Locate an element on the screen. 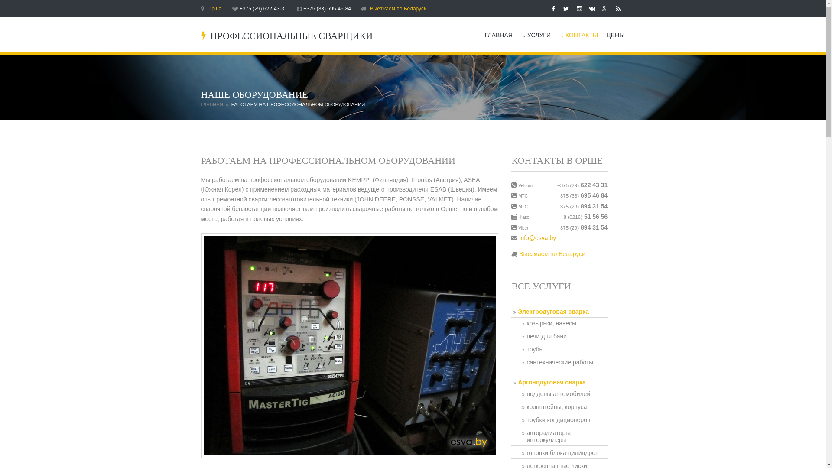 The height and width of the screenshot is (468, 832). 'info@esva.by' is located at coordinates (519, 237).